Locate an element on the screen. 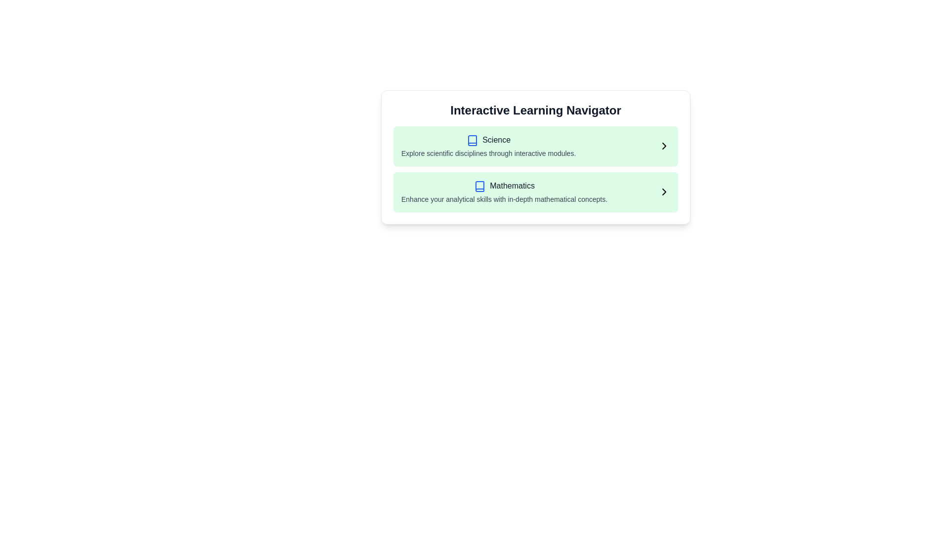  the text label that states 'Explore scientific disciplines through interactive modules.', styled as small-sized gray text, located below the 'Science' heading is located at coordinates (488, 153).